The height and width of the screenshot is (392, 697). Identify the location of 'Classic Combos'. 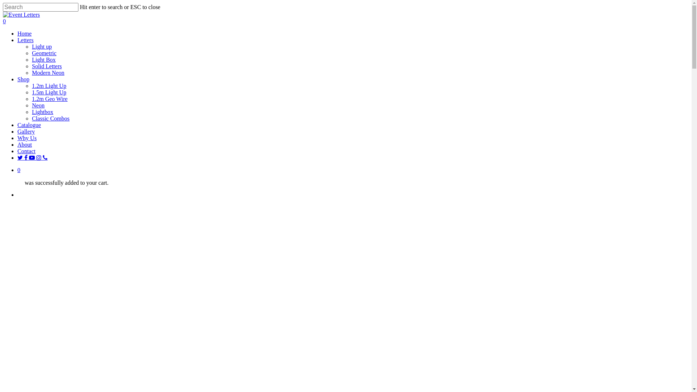
(31, 118).